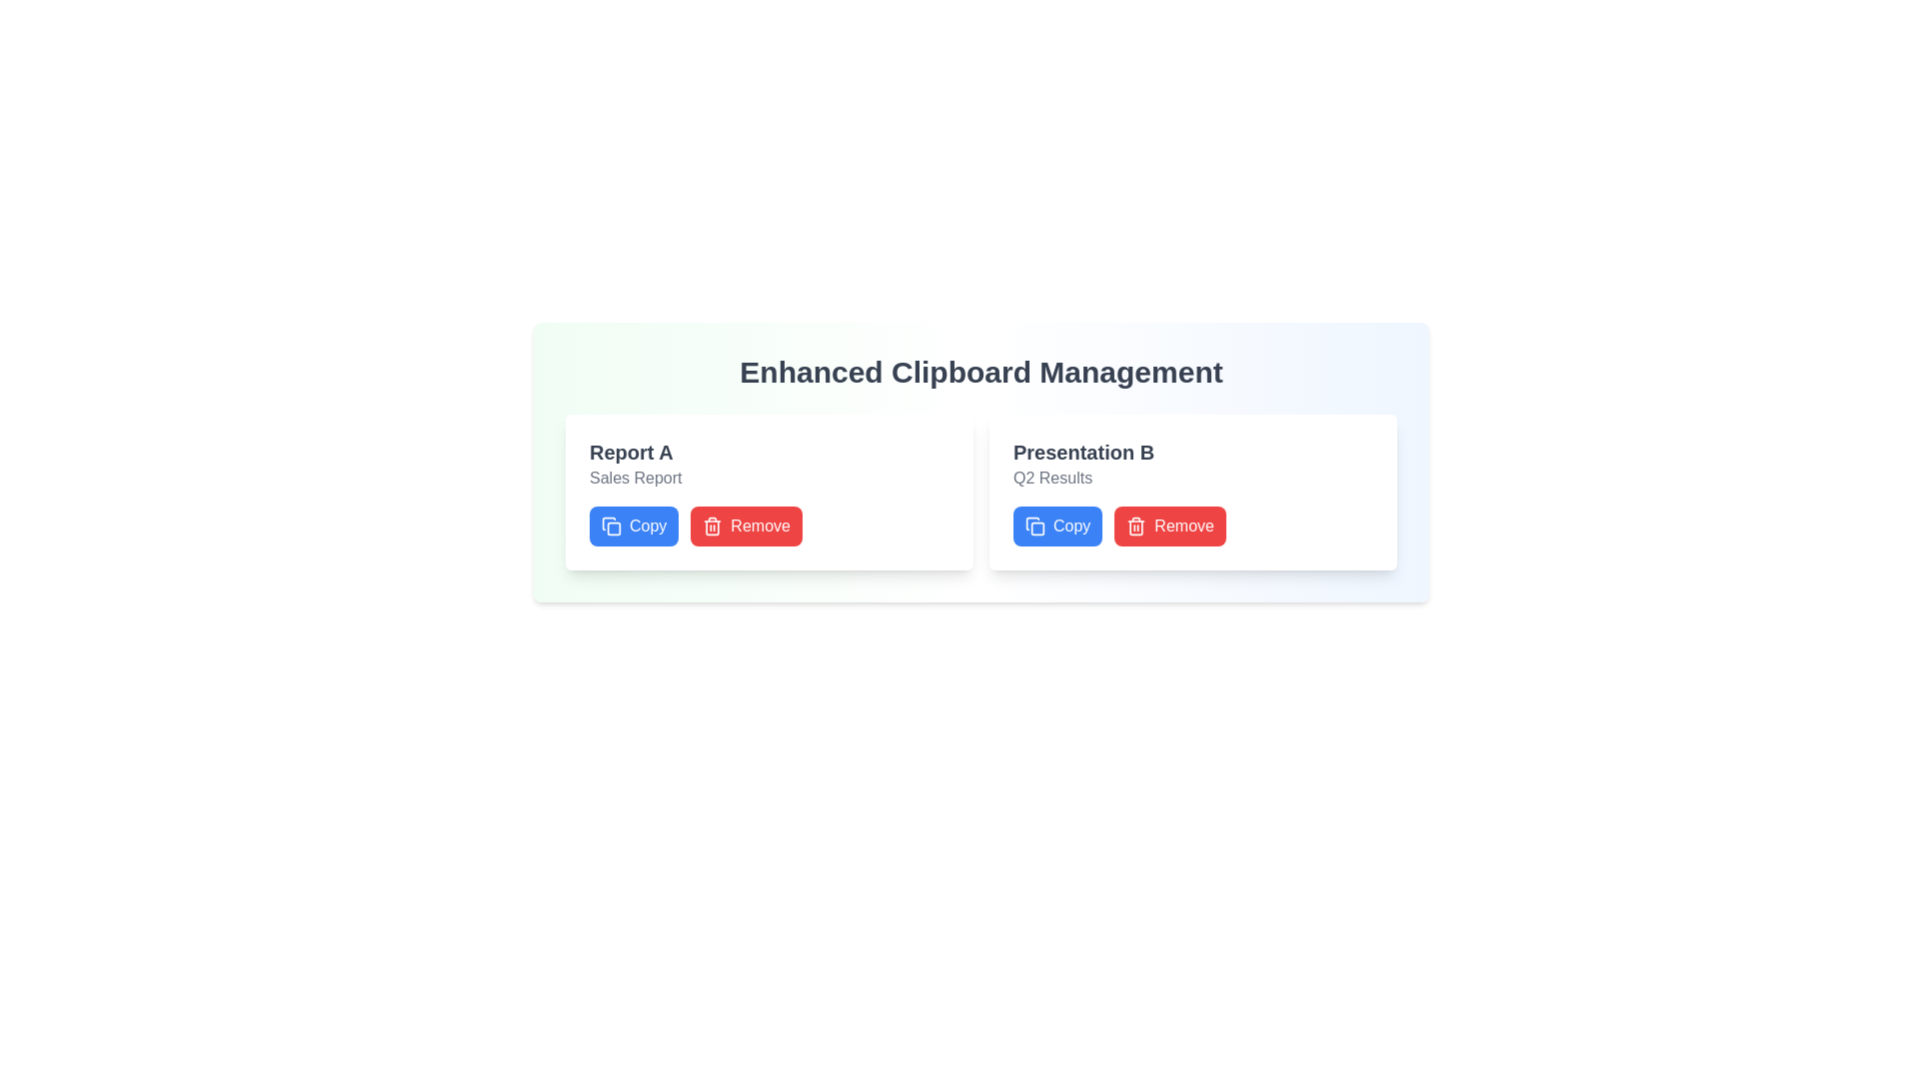  Describe the element at coordinates (1136, 526) in the screenshot. I see `the trash can icon with a red background located within the 'Remove' button of the second card (Presentation B) in the interface` at that location.